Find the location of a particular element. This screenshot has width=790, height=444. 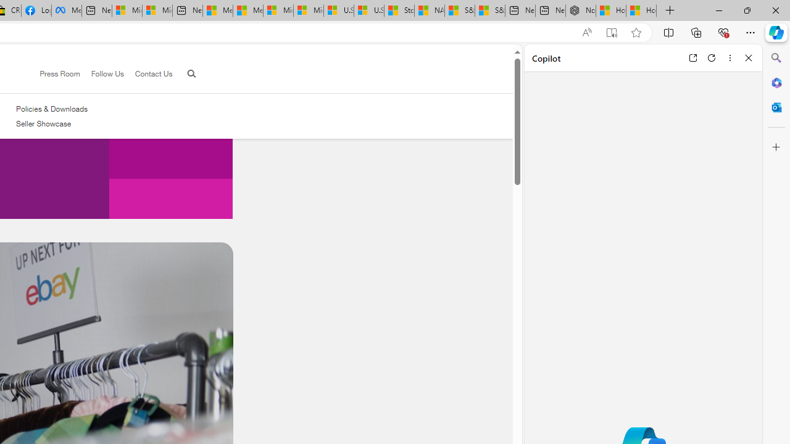

'Split screen' is located at coordinates (668, 31).